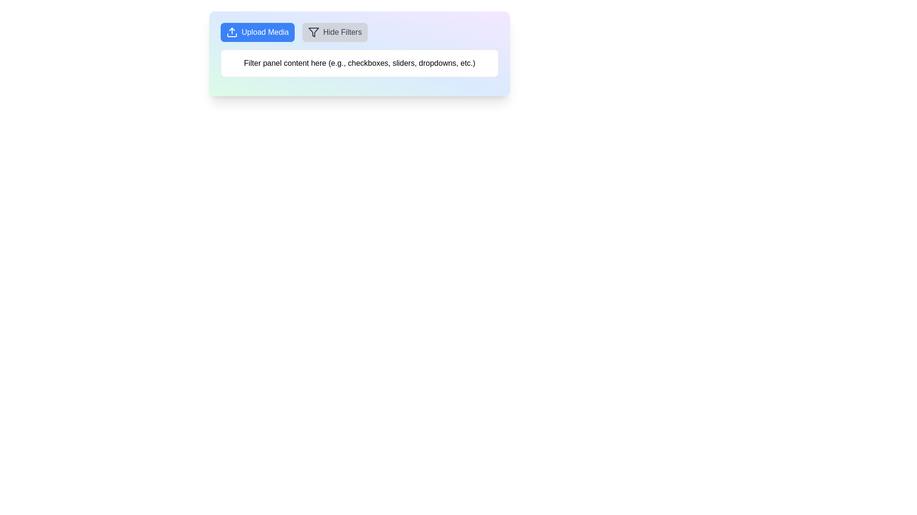 This screenshot has width=917, height=515. What do you see at coordinates (335, 32) in the screenshot?
I see `the toggle button located to the right of the 'Upload Media' button` at bounding box center [335, 32].